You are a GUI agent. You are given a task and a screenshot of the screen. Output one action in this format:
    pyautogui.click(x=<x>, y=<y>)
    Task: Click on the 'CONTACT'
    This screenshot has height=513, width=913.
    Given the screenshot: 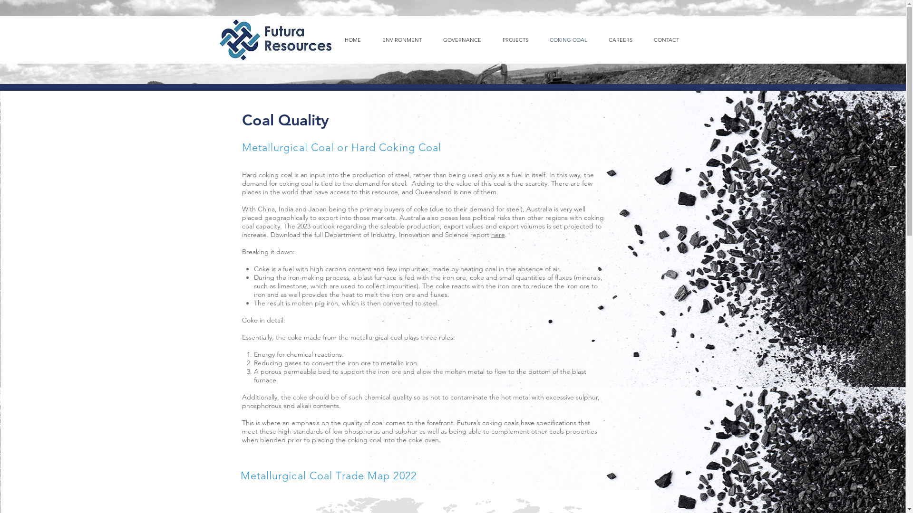 What is the action you would take?
    pyautogui.click(x=643, y=39)
    